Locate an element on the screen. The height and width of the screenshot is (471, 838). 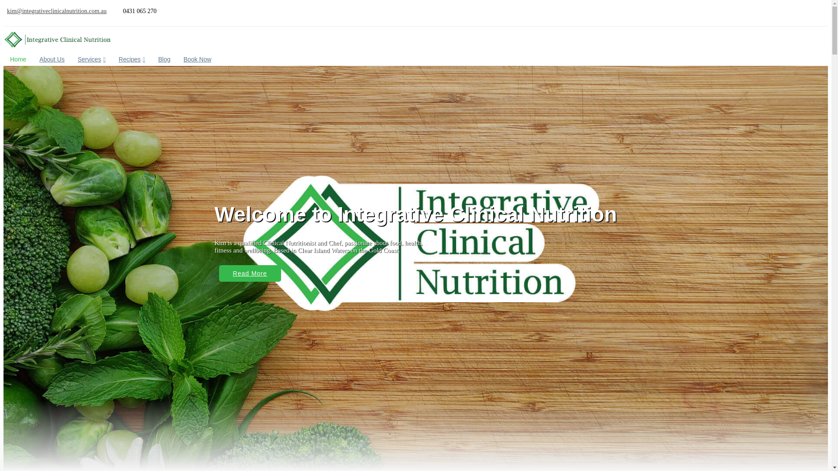
'kim@integrativeclinicalnutrition.com.au' is located at coordinates (56, 11).